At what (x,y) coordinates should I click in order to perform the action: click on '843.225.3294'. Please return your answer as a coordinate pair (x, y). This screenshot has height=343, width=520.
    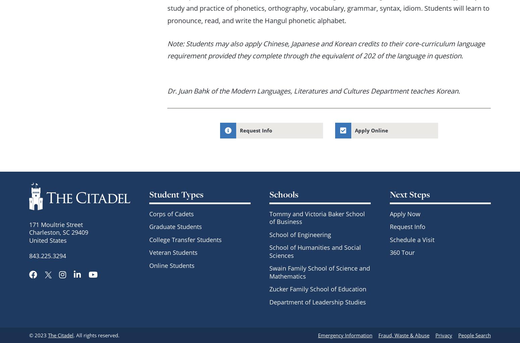
    Looking at the image, I should click on (47, 255).